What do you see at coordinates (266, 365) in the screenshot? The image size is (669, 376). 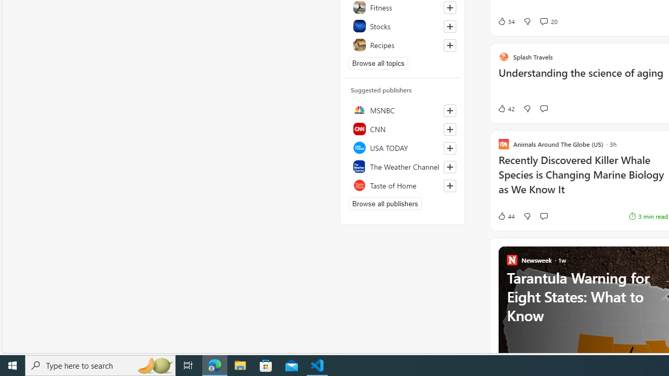 I see `'Microsoft Store'` at bounding box center [266, 365].